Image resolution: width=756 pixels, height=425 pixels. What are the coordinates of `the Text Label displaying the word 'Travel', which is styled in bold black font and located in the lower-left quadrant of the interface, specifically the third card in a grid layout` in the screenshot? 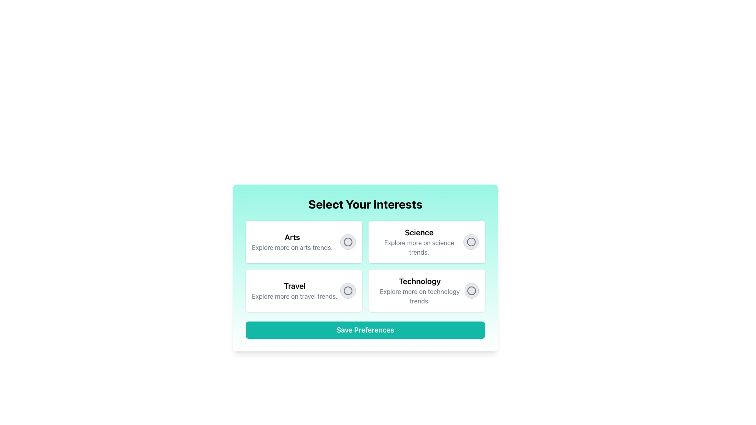 It's located at (294, 286).